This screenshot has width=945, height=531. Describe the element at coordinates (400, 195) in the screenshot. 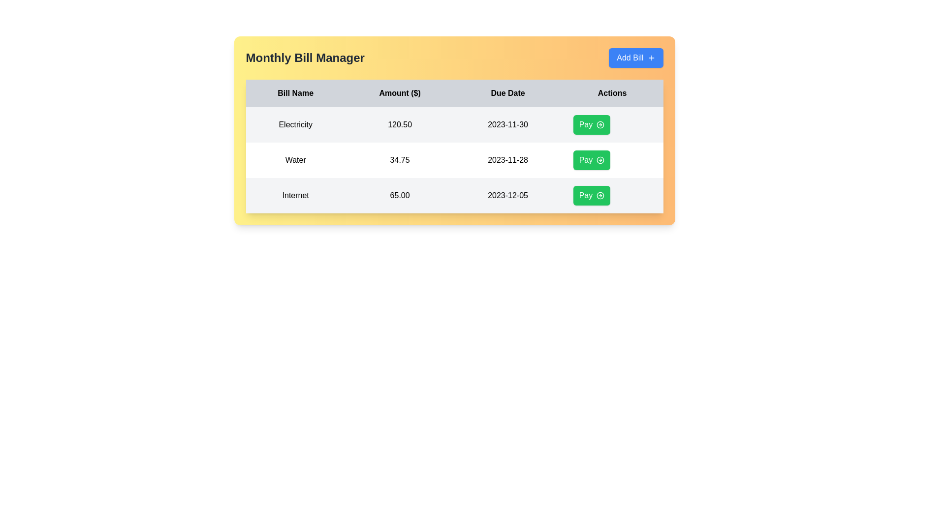

I see `the text label displaying '65.00' in the second cell of the row labeled 'Internet' within the table of bill information` at that location.